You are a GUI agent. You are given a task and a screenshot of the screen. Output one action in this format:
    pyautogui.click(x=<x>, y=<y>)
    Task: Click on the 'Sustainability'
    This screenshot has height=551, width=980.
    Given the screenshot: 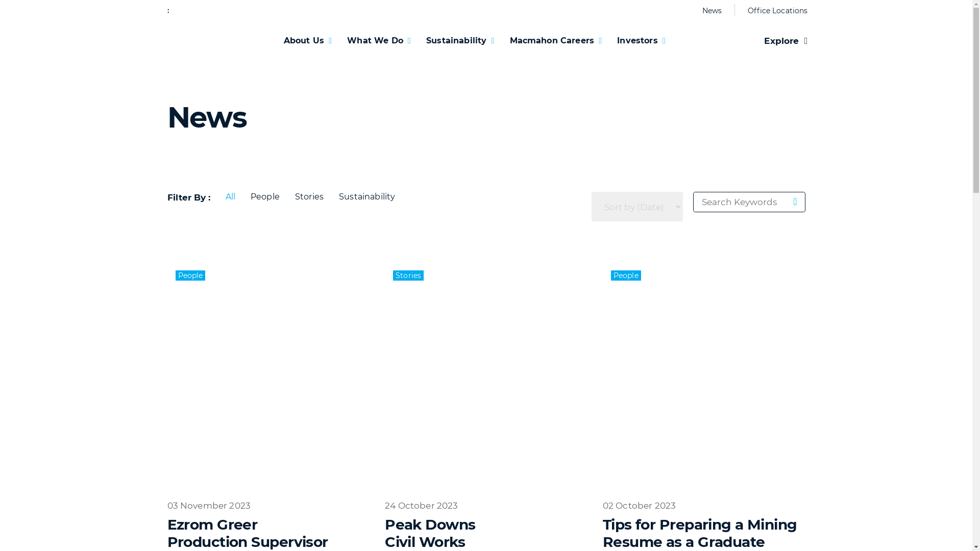 What is the action you would take?
    pyautogui.click(x=459, y=40)
    